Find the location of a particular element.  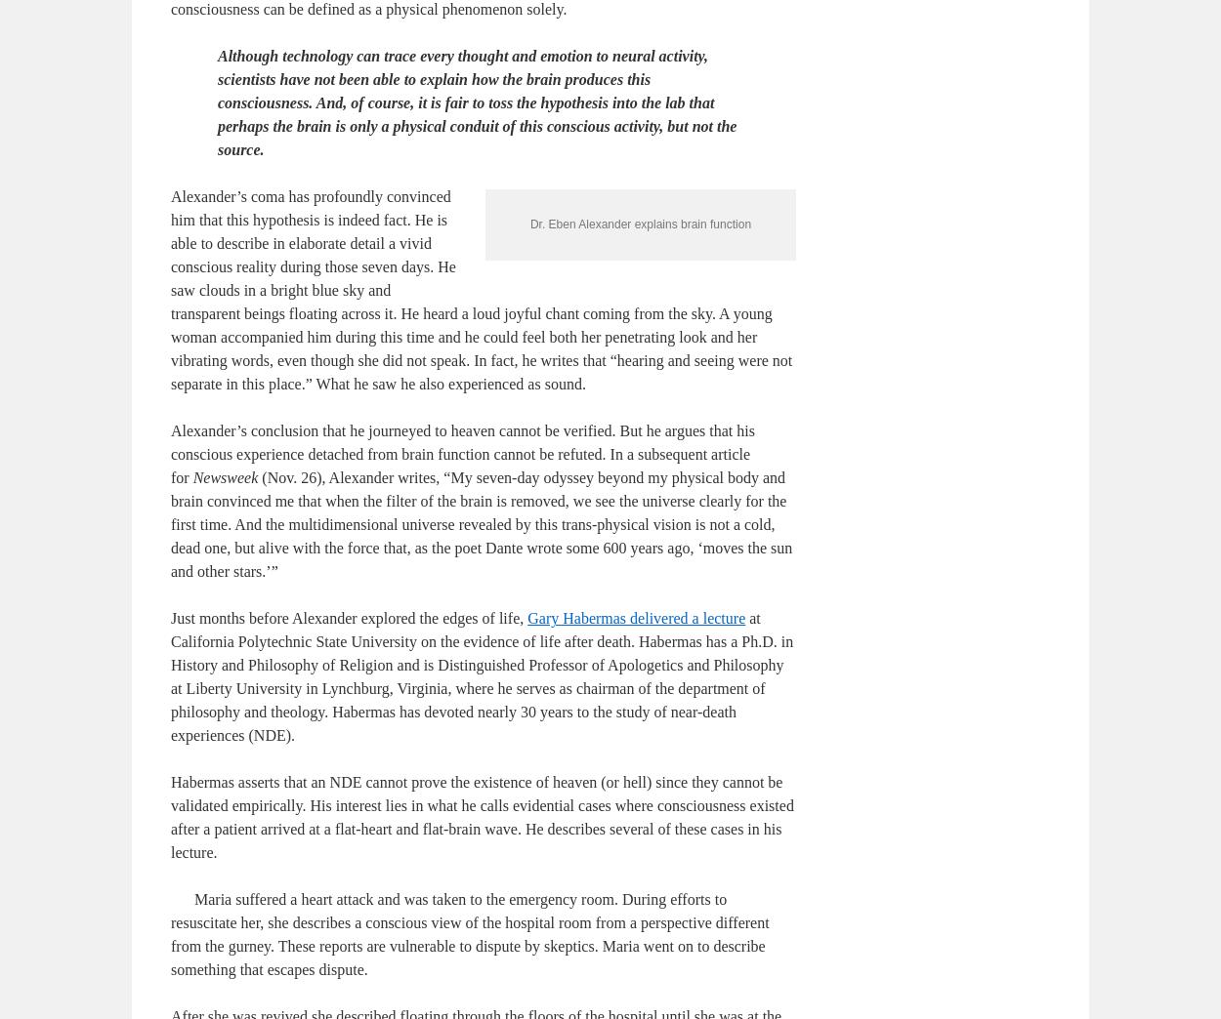

'Dr. Eben Alexander explains brain function' is located at coordinates (640, 473).